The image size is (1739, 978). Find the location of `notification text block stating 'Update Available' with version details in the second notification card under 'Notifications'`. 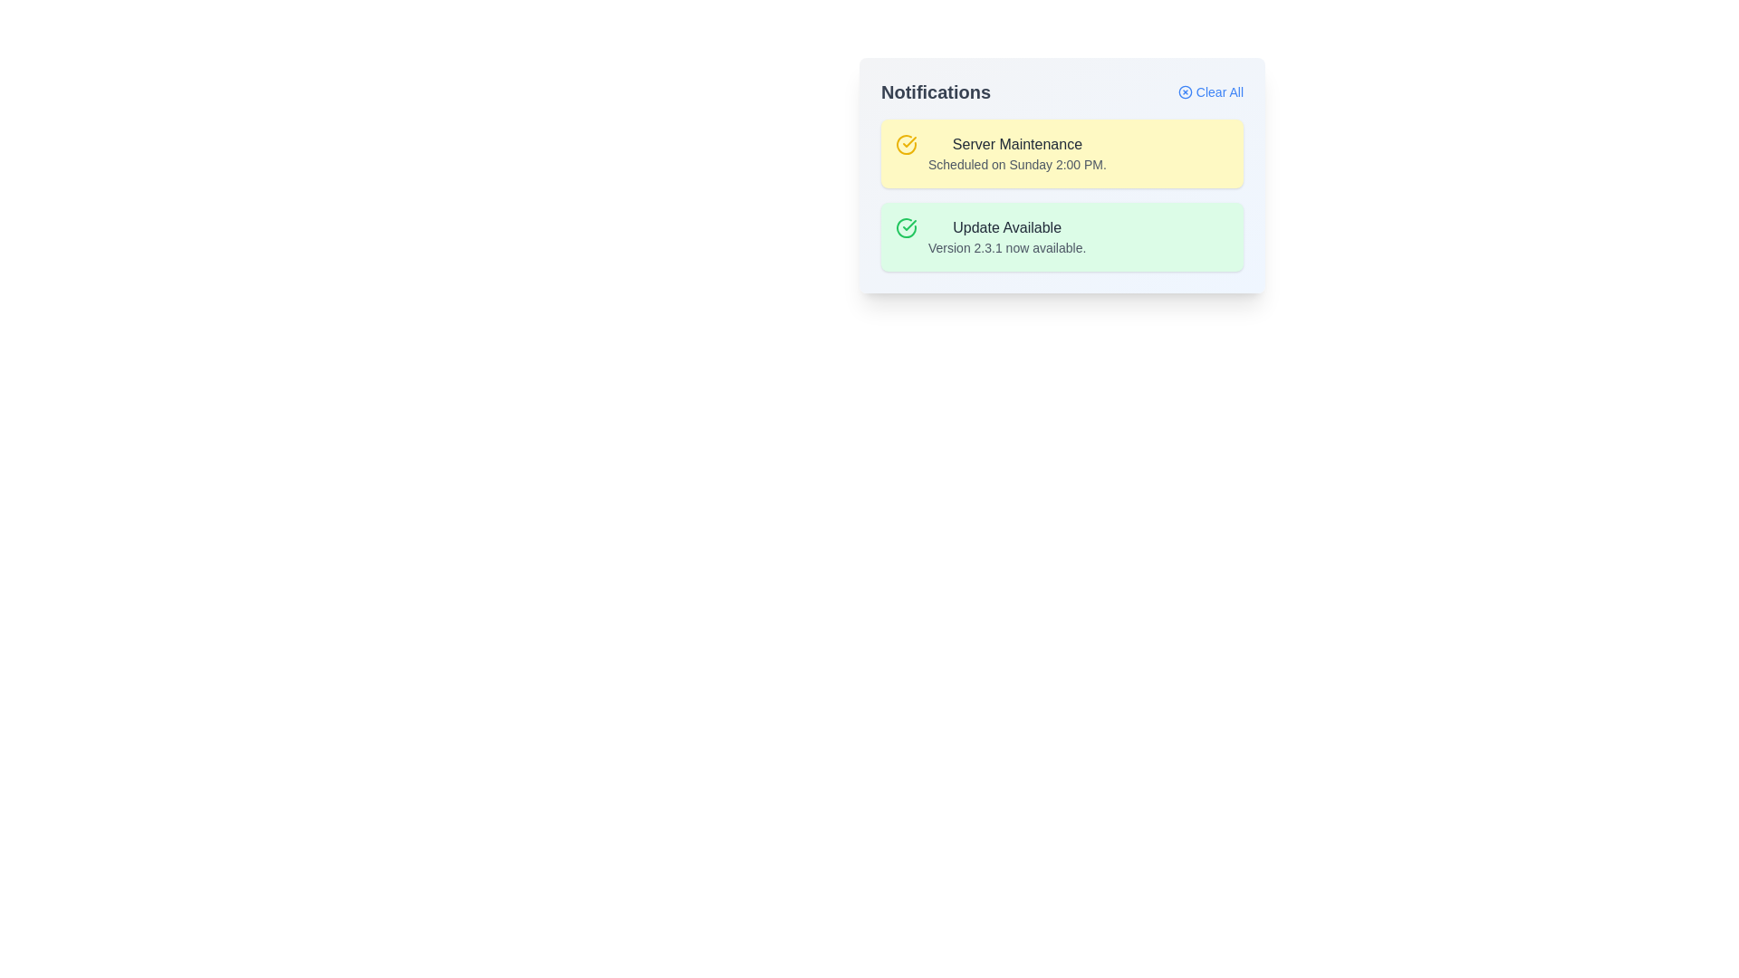

notification text block stating 'Update Available' with version details in the second notification card under 'Notifications' is located at coordinates (1006, 236).